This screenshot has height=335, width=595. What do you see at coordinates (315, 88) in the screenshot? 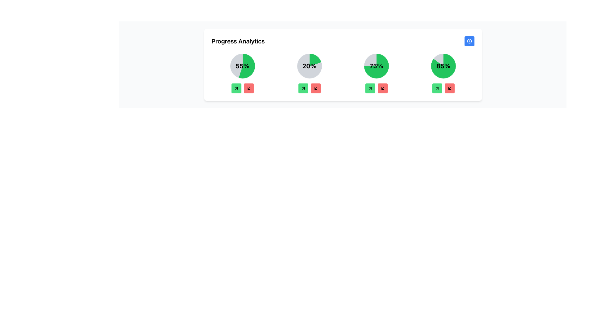
I see `the second red button located below the second circular green chart labeled '20%' in the 'Progress Analytics' section` at bounding box center [315, 88].